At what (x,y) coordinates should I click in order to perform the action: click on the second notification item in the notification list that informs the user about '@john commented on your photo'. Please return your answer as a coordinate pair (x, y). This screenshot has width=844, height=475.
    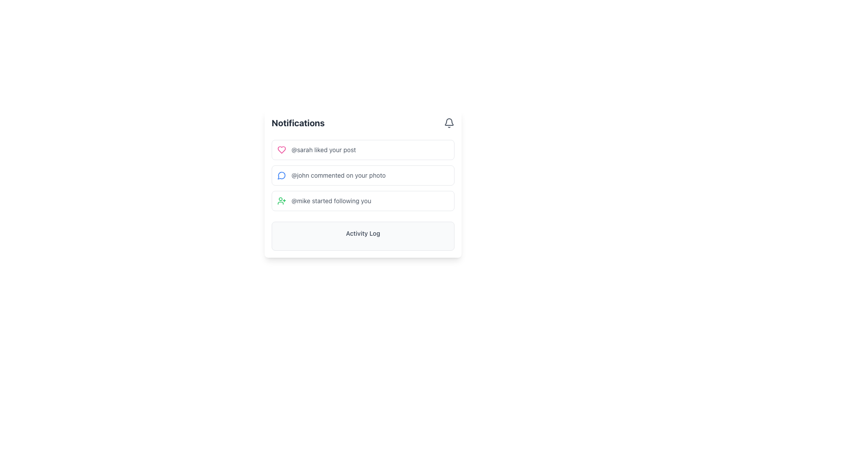
    Looking at the image, I should click on (363, 183).